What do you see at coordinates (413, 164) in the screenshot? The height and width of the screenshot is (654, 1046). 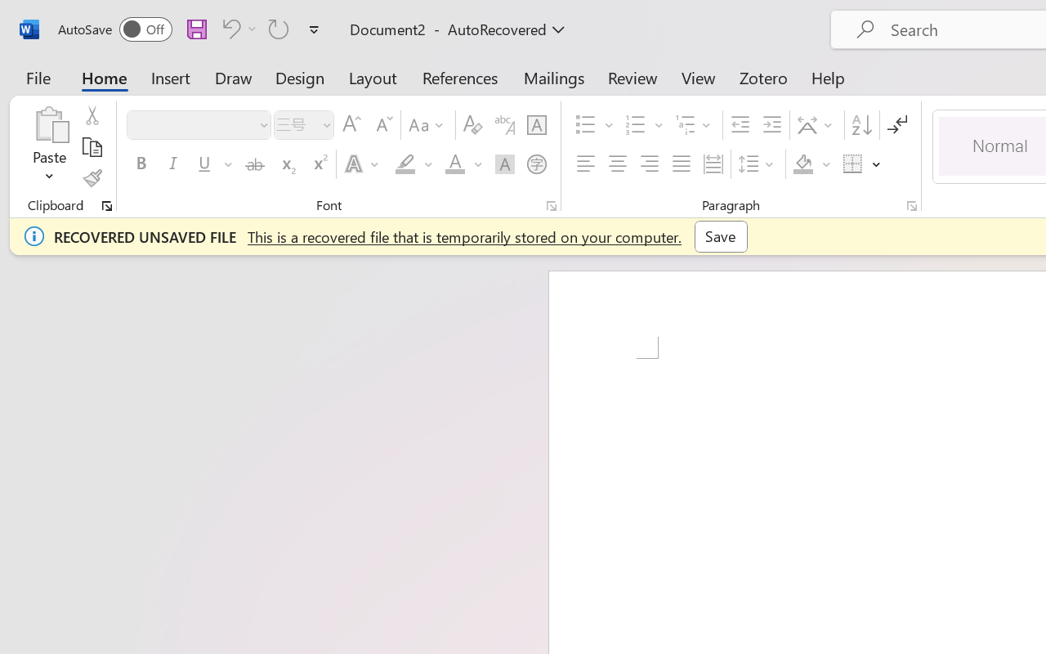 I see `'Text Highlight Color'` at bounding box center [413, 164].